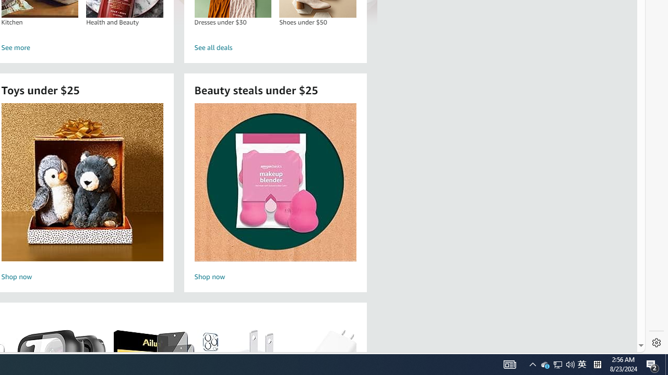 This screenshot has height=375, width=668. Describe the element at coordinates (276, 48) in the screenshot. I see `'See all deals'` at that location.